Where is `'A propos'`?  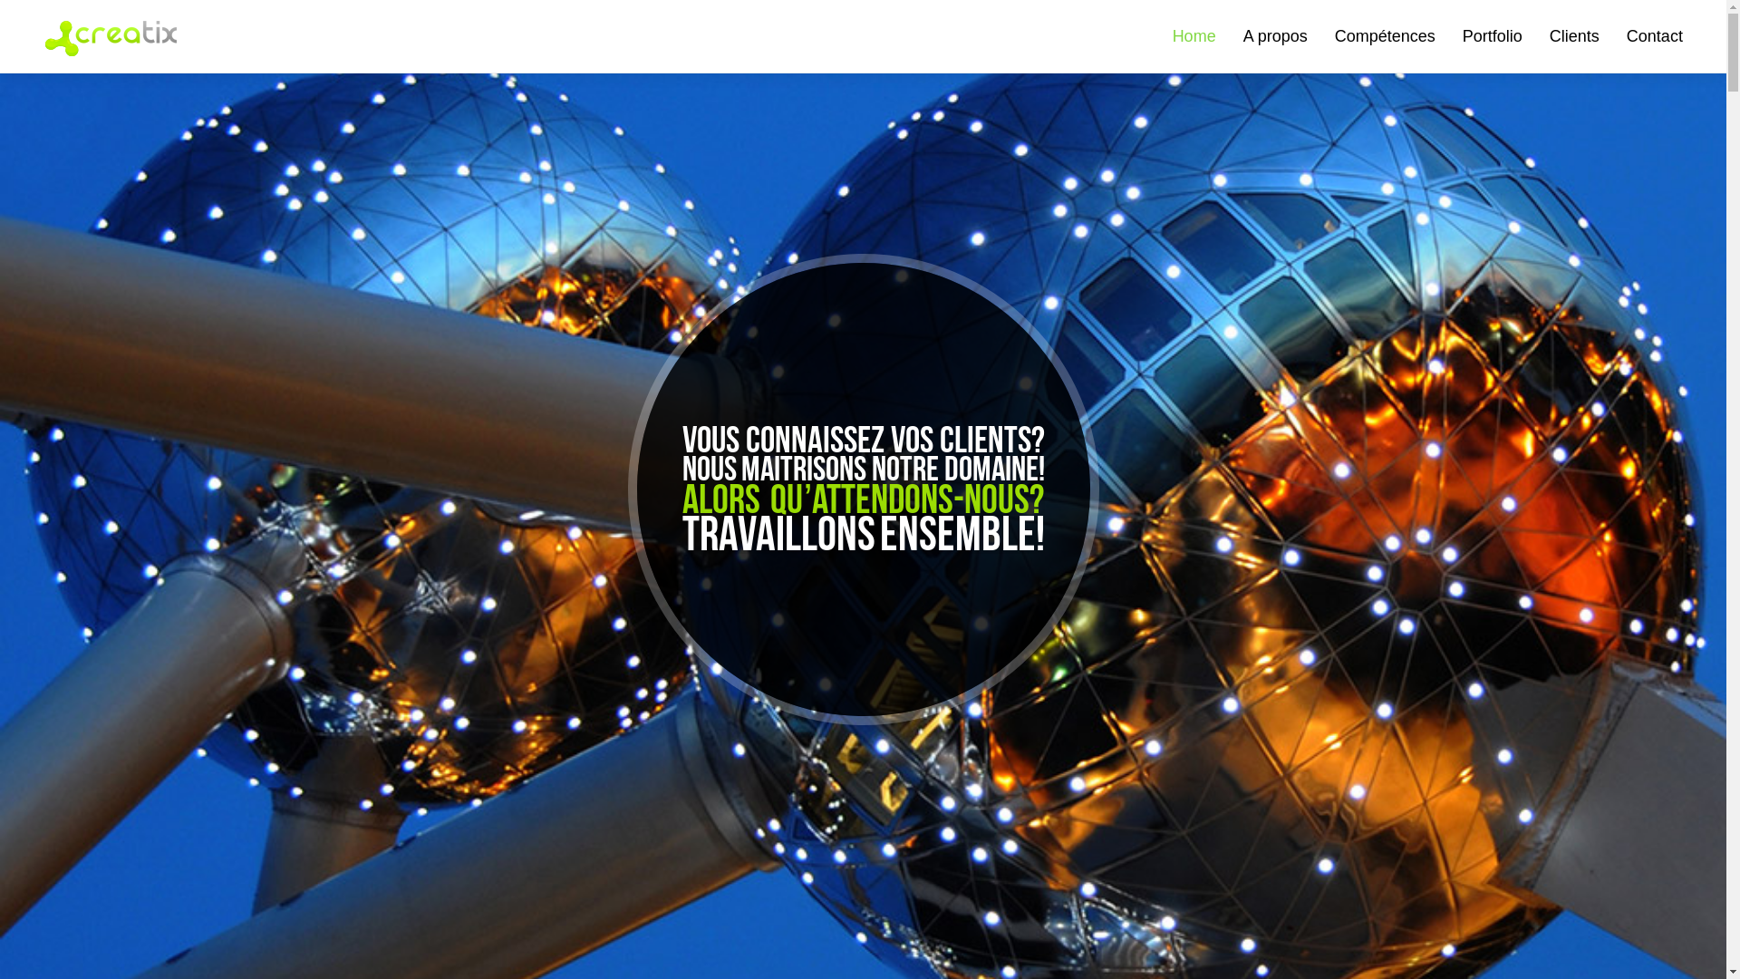 'A propos' is located at coordinates (1242, 35).